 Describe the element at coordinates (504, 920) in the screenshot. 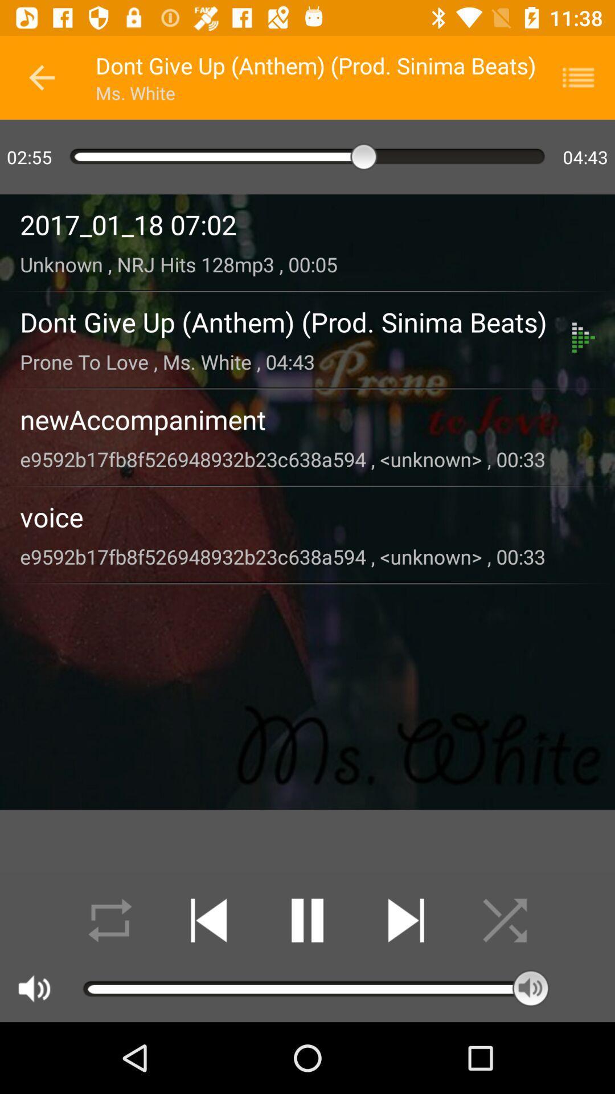

I see `tap shuffle option` at that location.